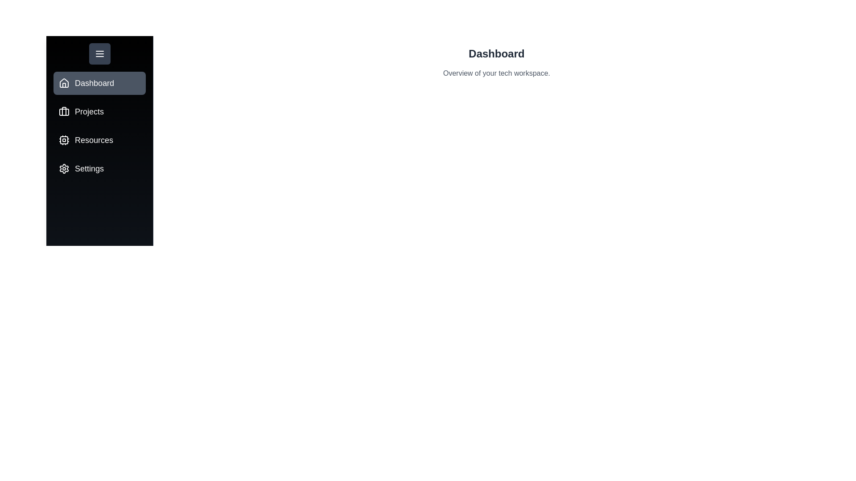  What do you see at coordinates (99, 53) in the screenshot?
I see `the drawer toggle button to toggle the drawer state` at bounding box center [99, 53].